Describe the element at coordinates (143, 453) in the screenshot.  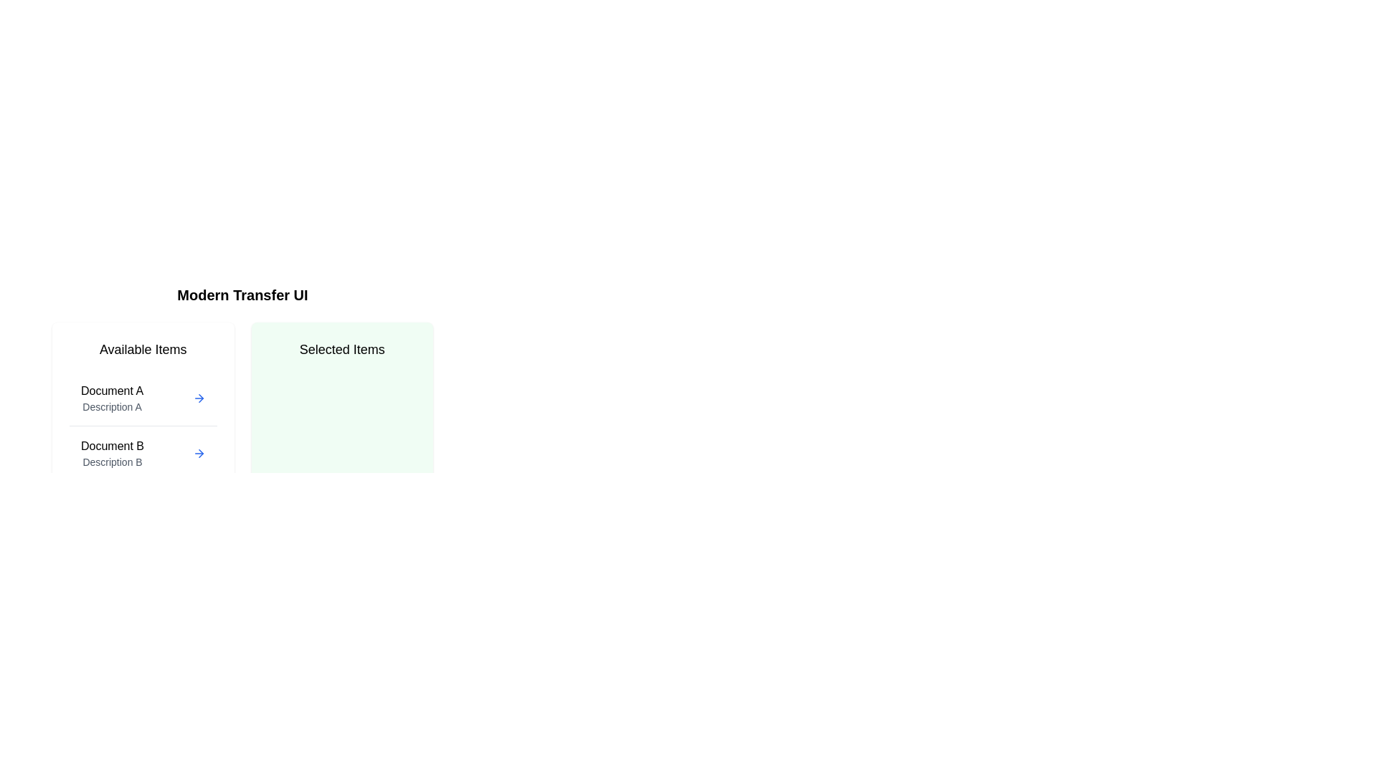
I see `the second list item in the 'Available Items' section, which represents 'Document B'` at that location.